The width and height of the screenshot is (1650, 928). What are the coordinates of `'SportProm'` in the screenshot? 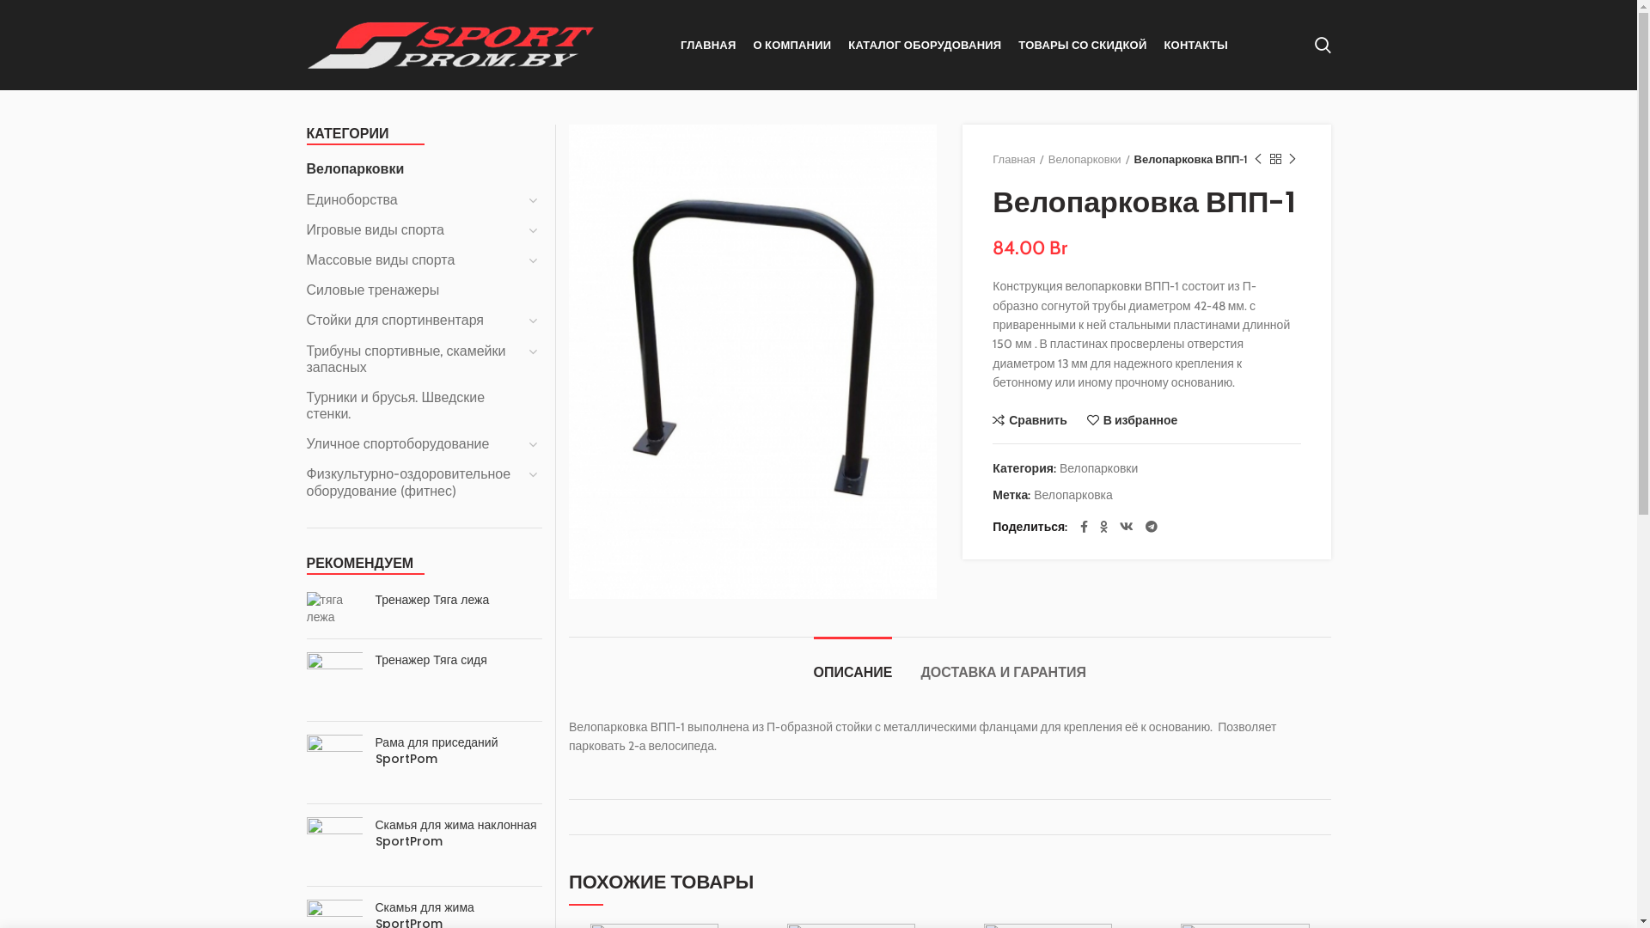 It's located at (334, 901).